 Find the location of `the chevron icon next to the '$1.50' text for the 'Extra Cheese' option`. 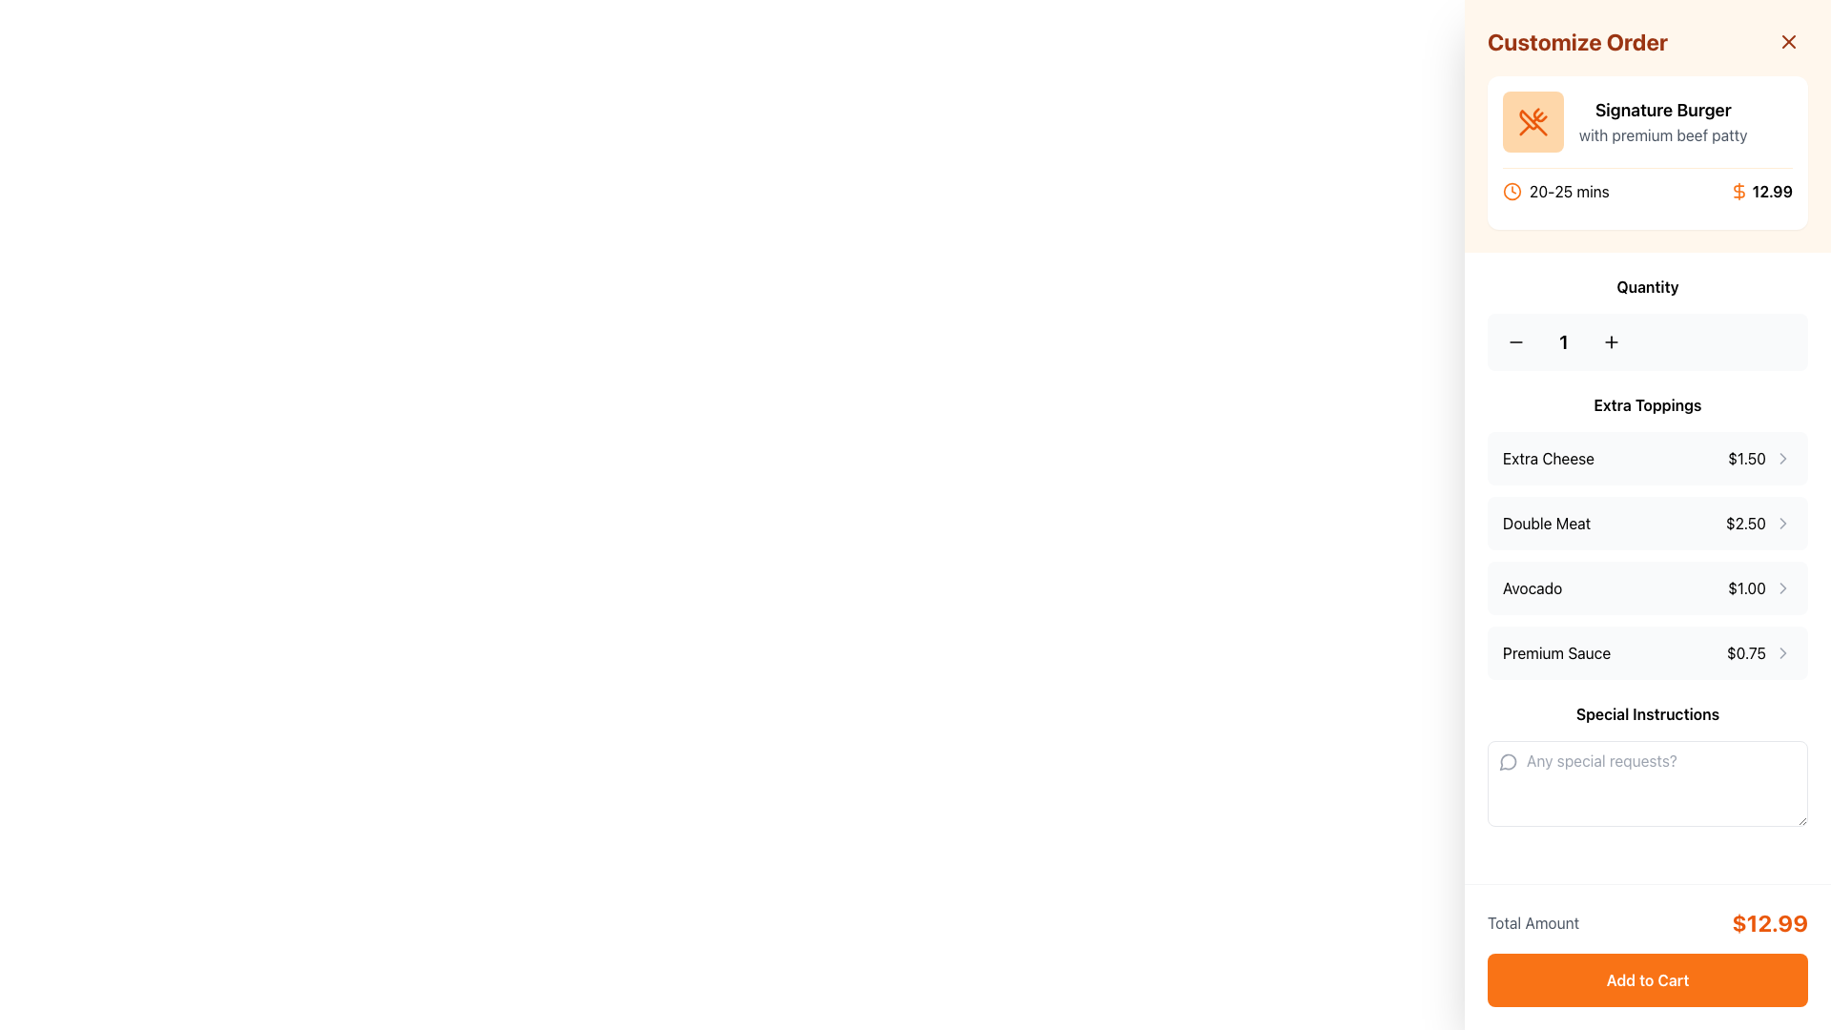

the chevron icon next to the '$1.50' text for the 'Extra Cheese' option is located at coordinates (1782, 459).